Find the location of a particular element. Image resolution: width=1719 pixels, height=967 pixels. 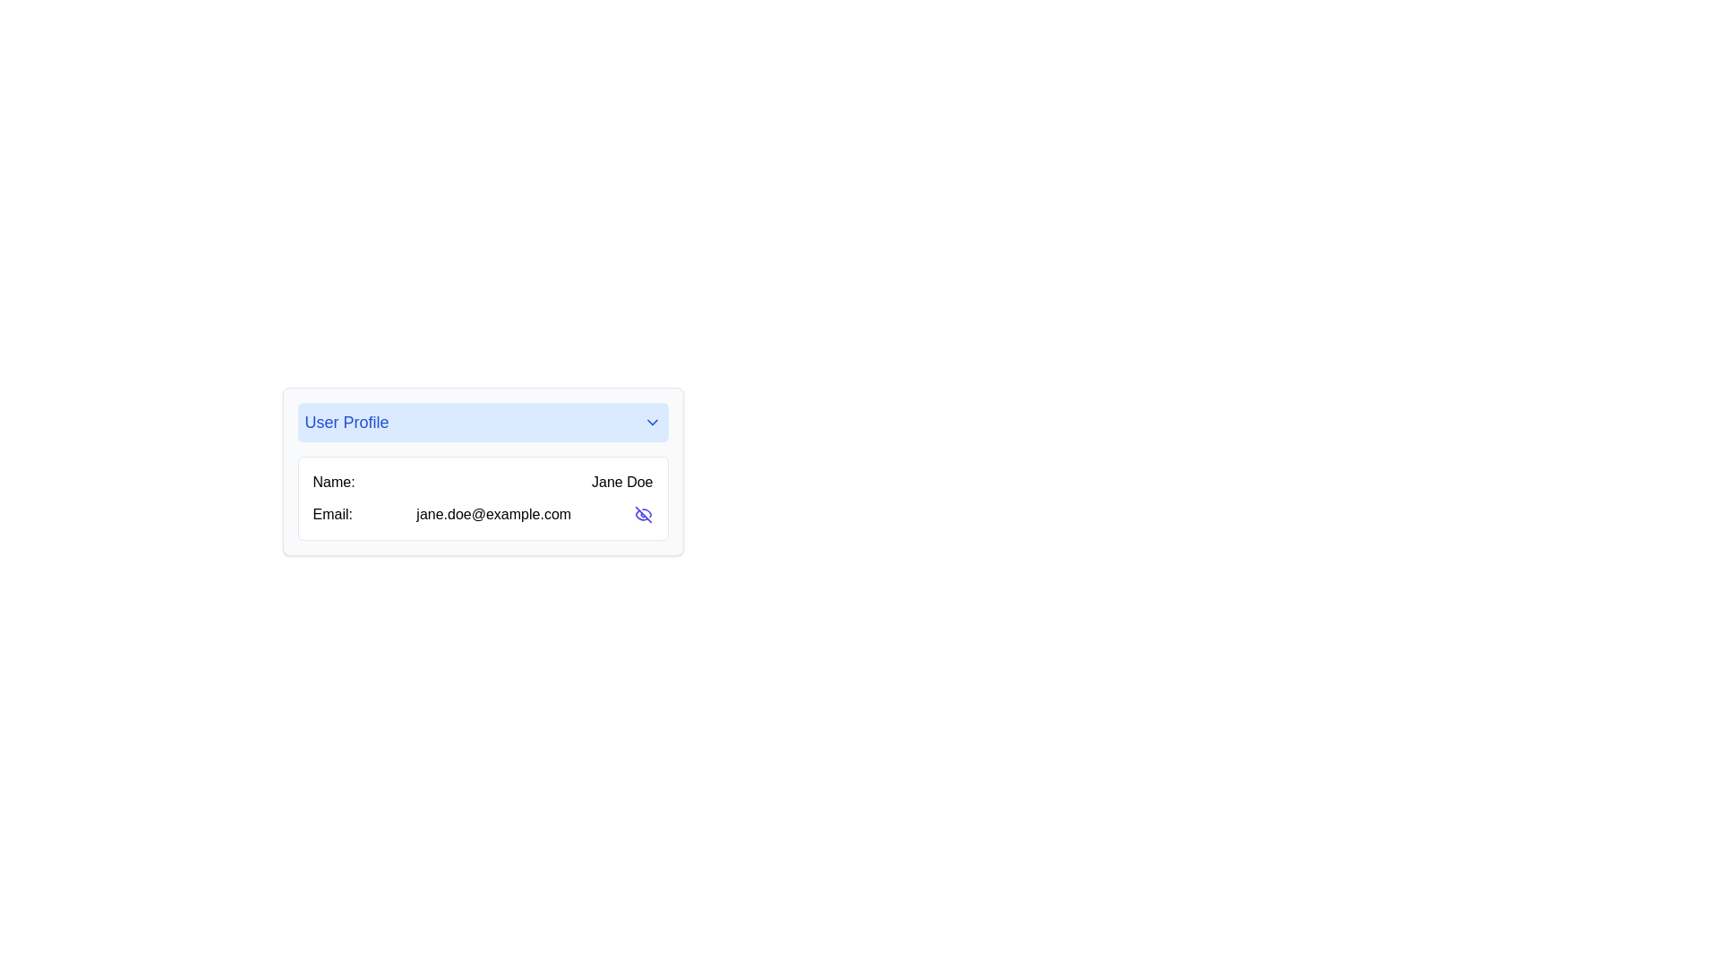

the Text label that identifies the user name 'Jane Doe', located in the 'User Profile' section, positioned to the left of 'Jane Doe' and above the 'Email:' label is located at coordinates (334, 482).